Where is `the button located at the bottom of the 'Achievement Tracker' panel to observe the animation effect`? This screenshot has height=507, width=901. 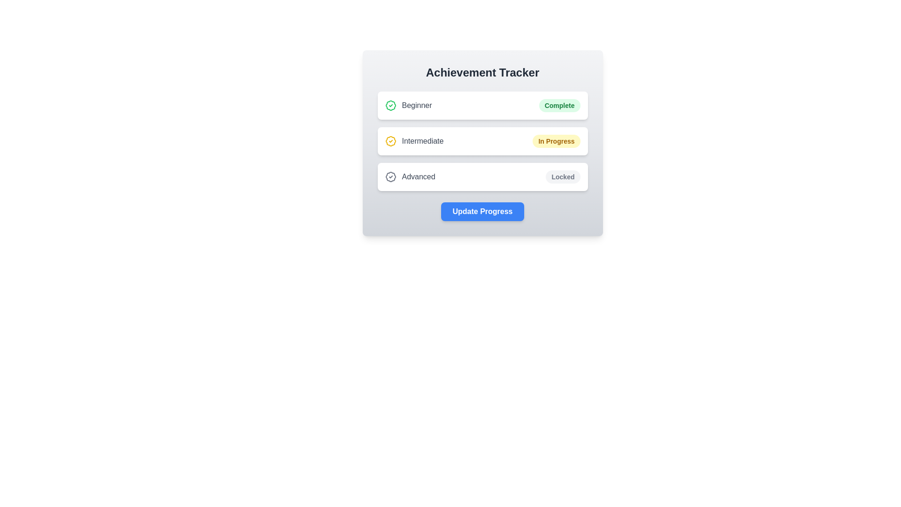
the button located at the bottom of the 'Achievement Tracker' panel to observe the animation effect is located at coordinates (482, 212).